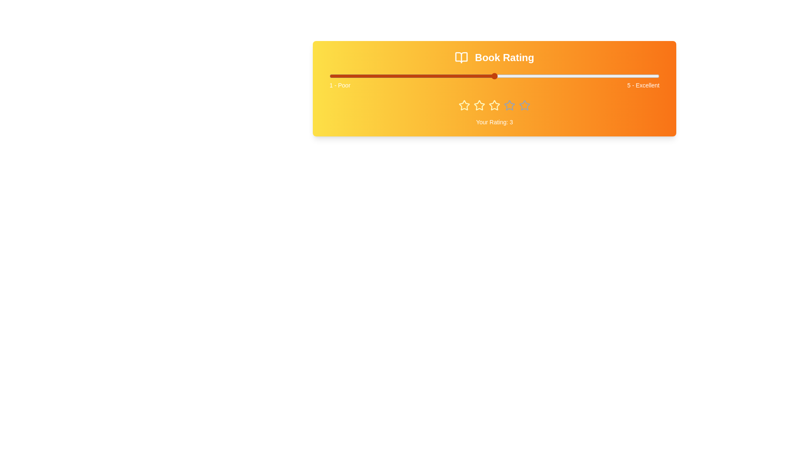  Describe the element at coordinates (494, 85) in the screenshot. I see `the text label component that spans horizontally below the slider bar, containing '1 - Poor' on the left and '5 - Excellent' on the right` at that location.